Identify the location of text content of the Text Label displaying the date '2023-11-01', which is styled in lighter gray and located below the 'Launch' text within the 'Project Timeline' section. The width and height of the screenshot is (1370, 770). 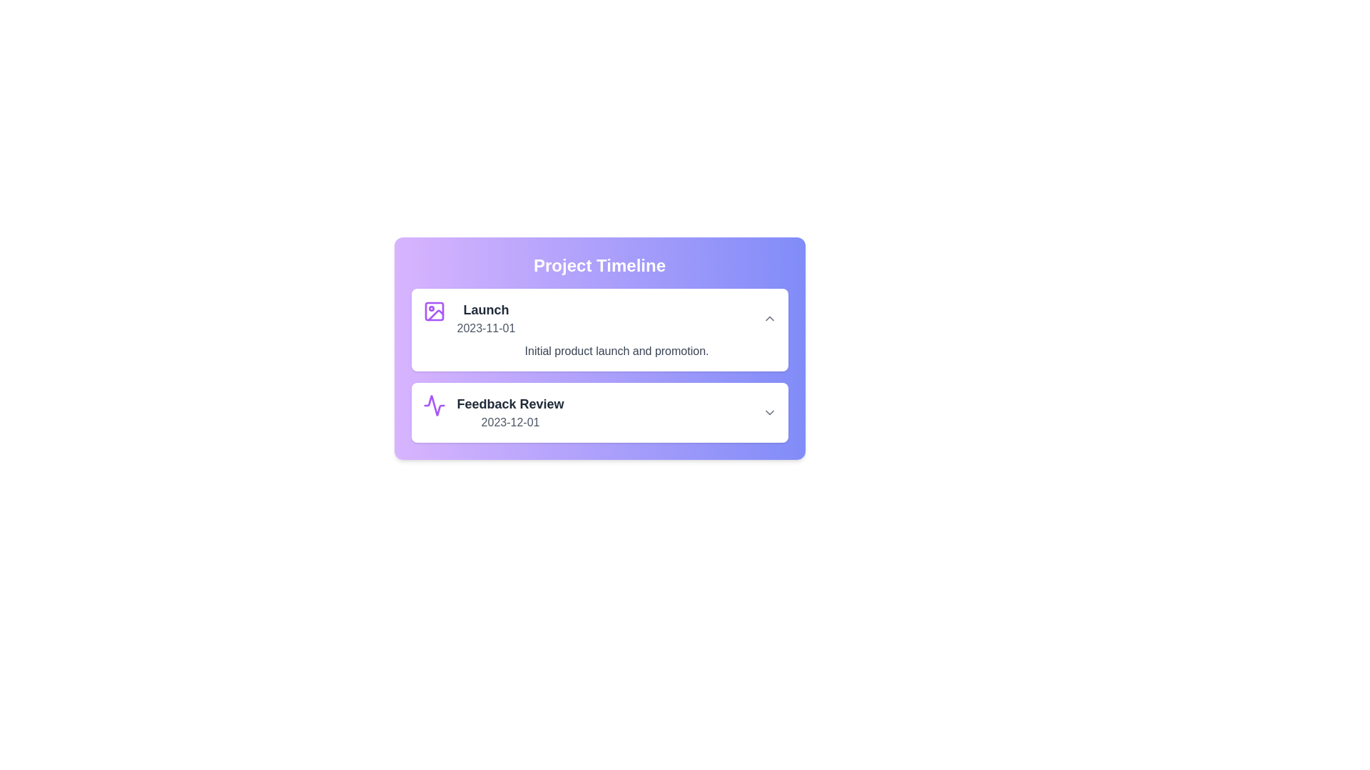
(486, 329).